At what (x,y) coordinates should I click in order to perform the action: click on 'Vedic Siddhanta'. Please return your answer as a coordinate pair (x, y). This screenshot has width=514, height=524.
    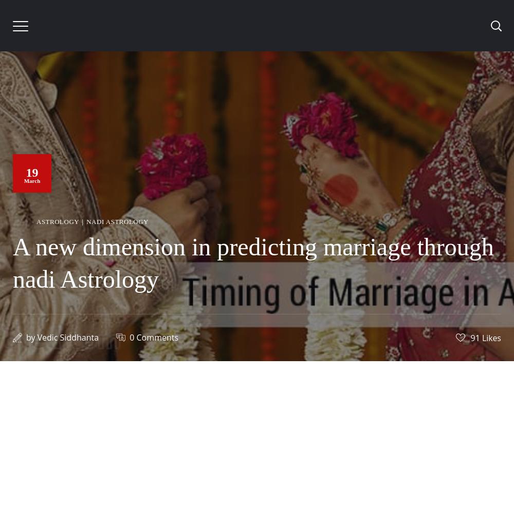
    Looking at the image, I should click on (68, 336).